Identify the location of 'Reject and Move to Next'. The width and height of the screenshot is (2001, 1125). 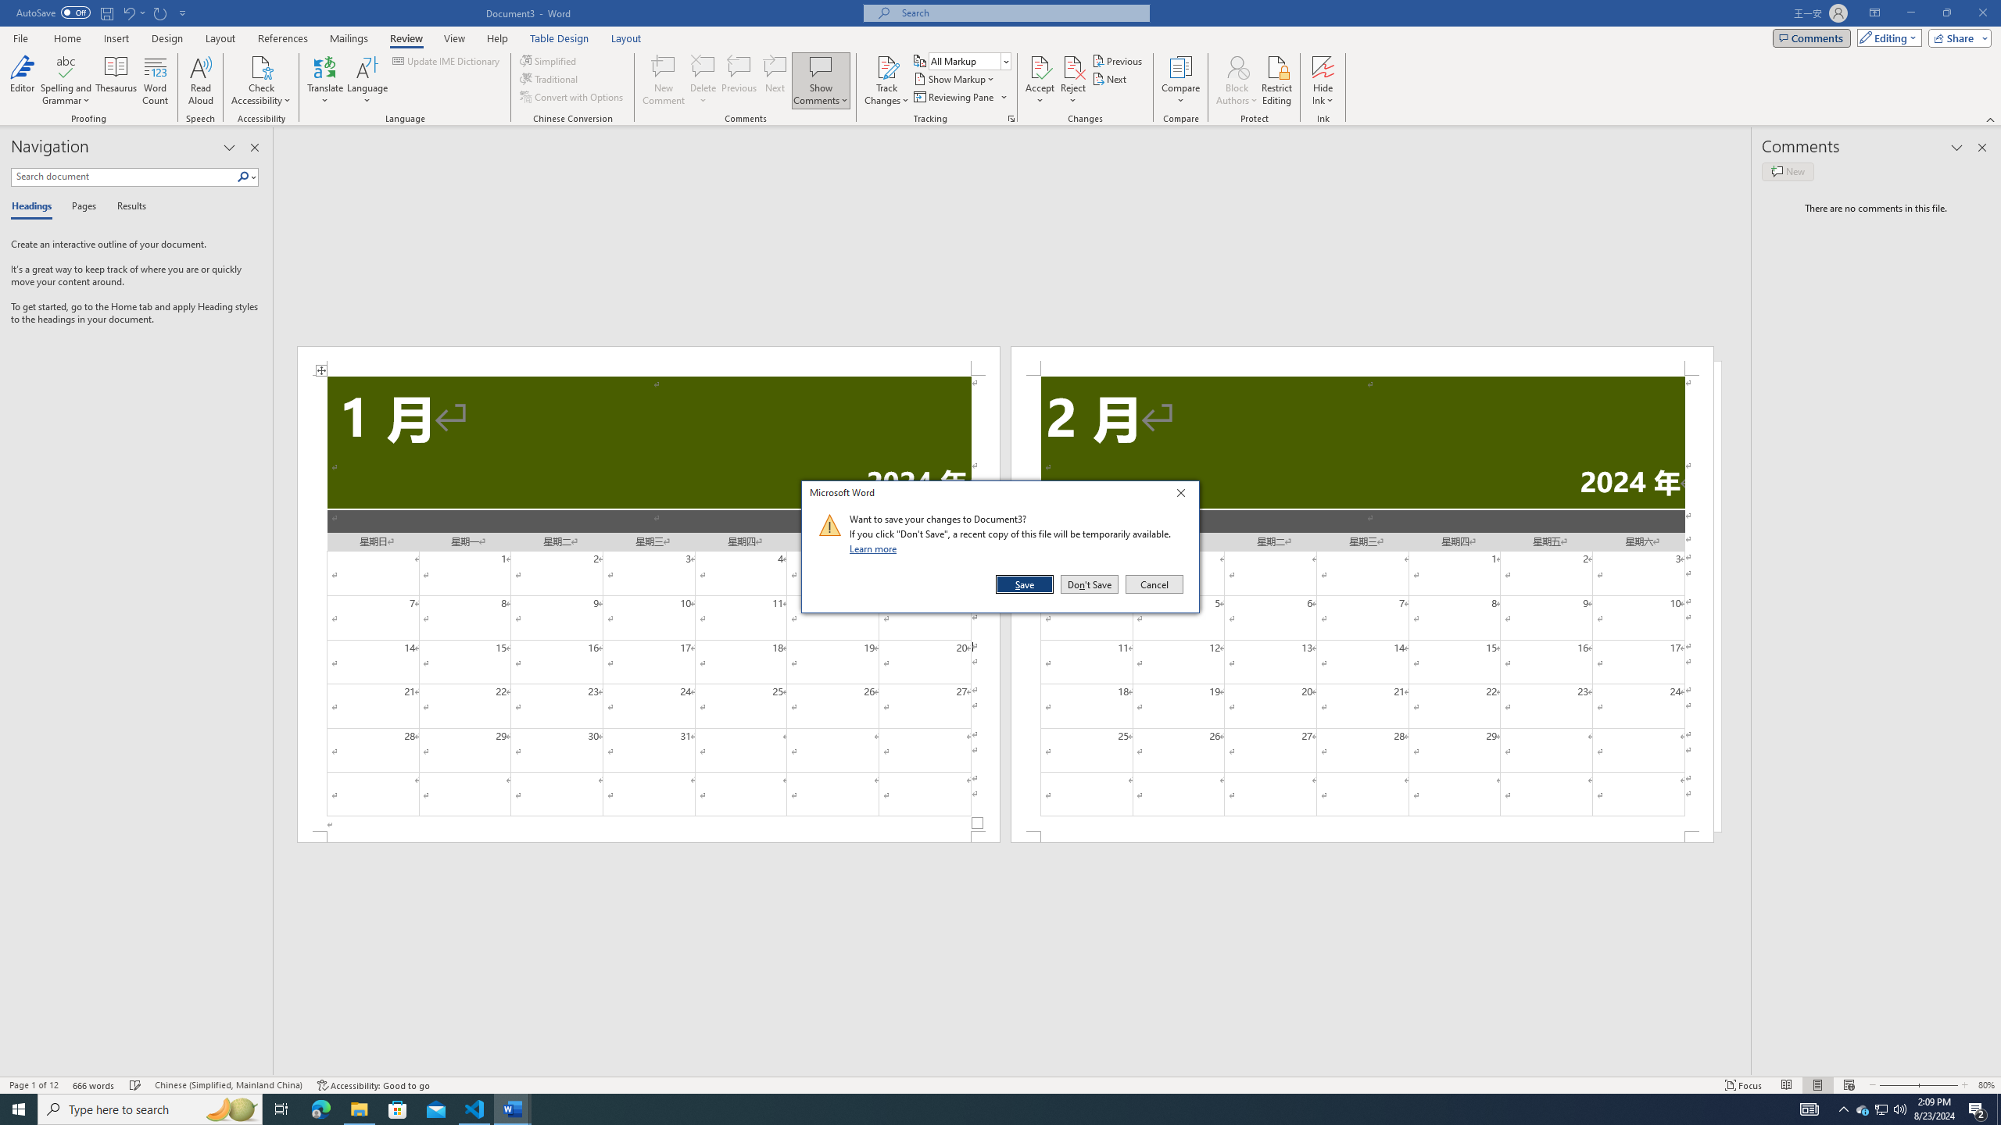
(1073, 66).